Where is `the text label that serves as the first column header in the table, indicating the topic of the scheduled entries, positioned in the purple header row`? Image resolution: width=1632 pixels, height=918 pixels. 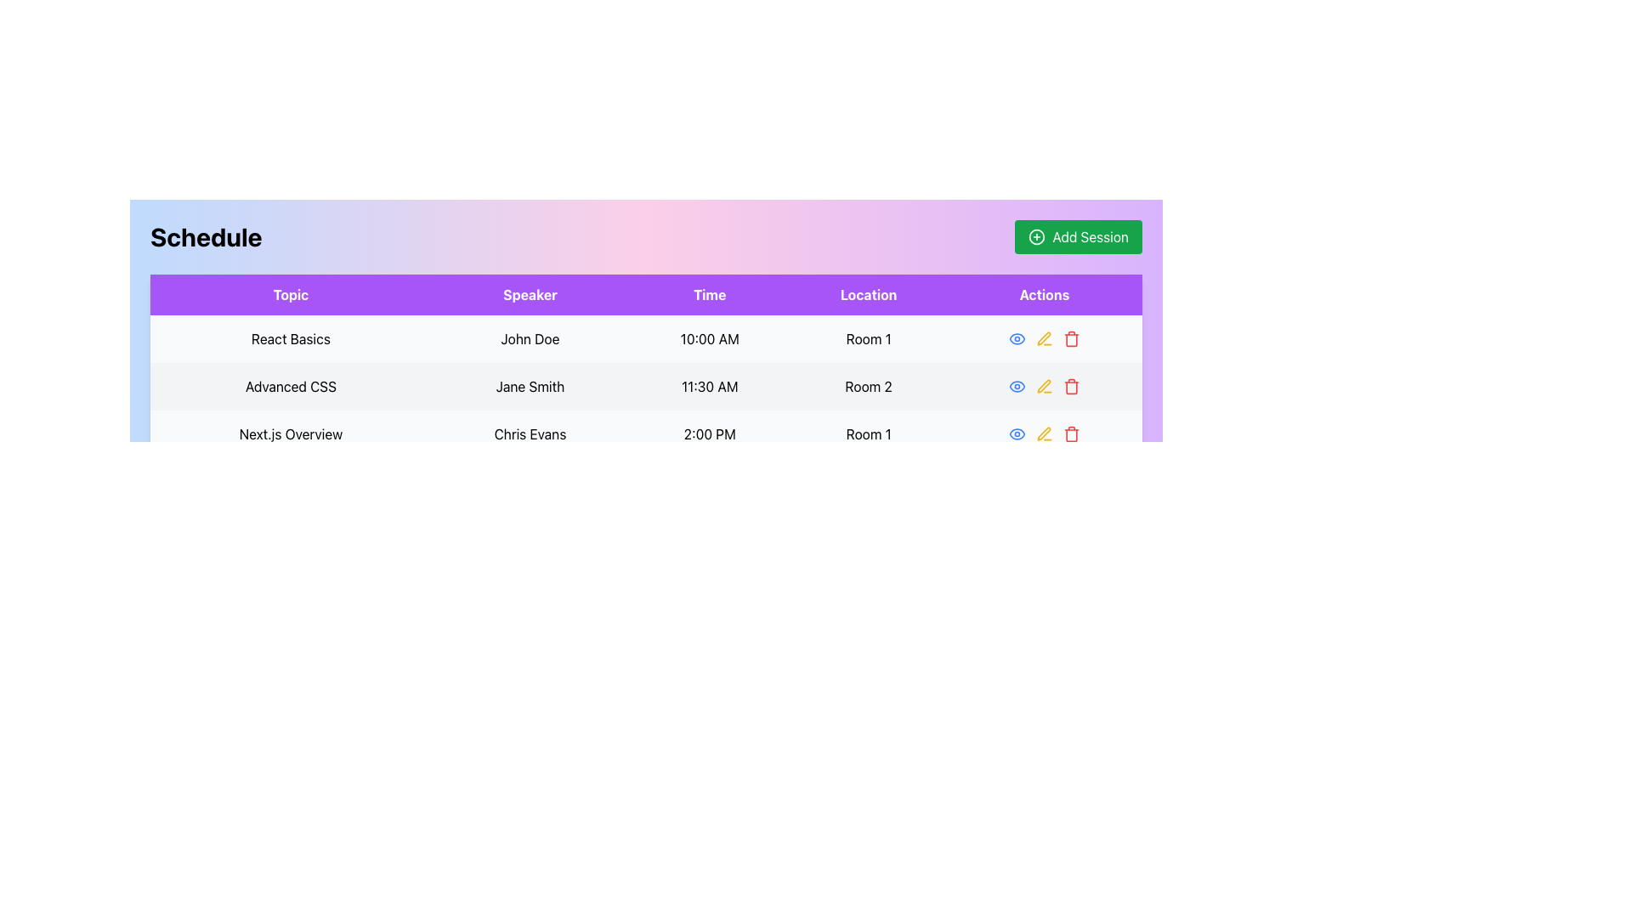 the text label that serves as the first column header in the table, indicating the topic of the scheduled entries, positioned in the purple header row is located at coordinates (291, 294).